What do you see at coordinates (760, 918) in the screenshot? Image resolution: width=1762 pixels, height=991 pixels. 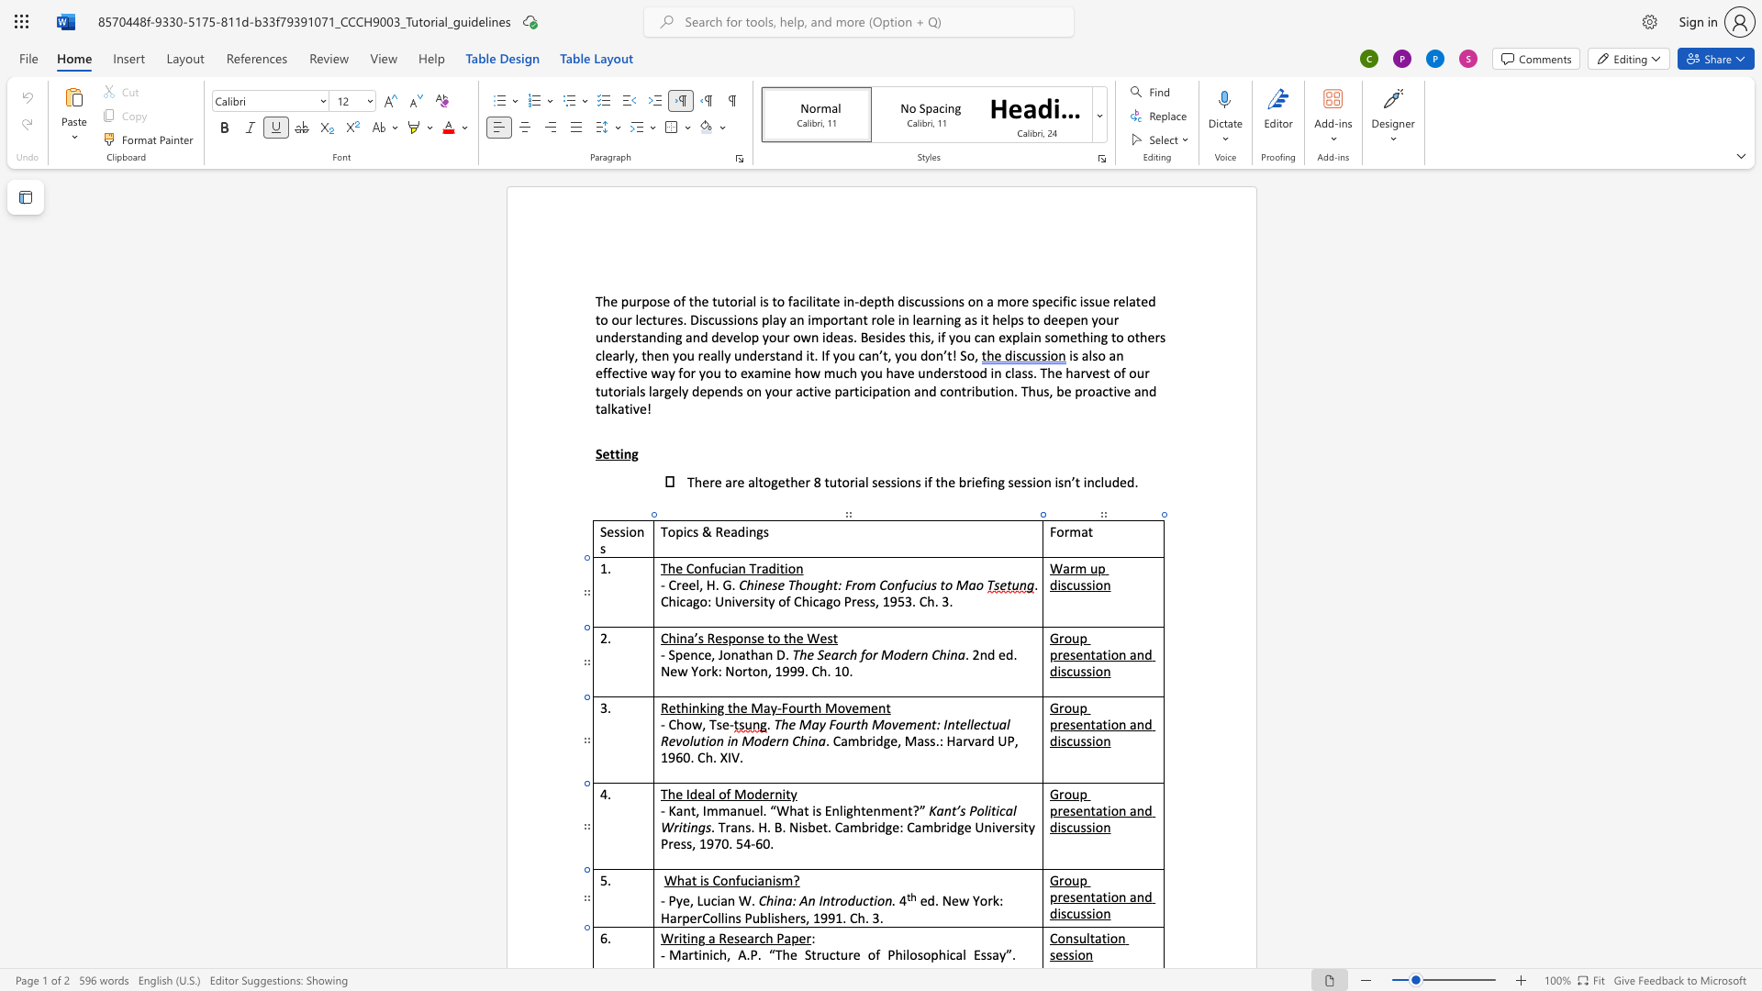 I see `the space between the continuous character "u" and "b" in the text` at bounding box center [760, 918].